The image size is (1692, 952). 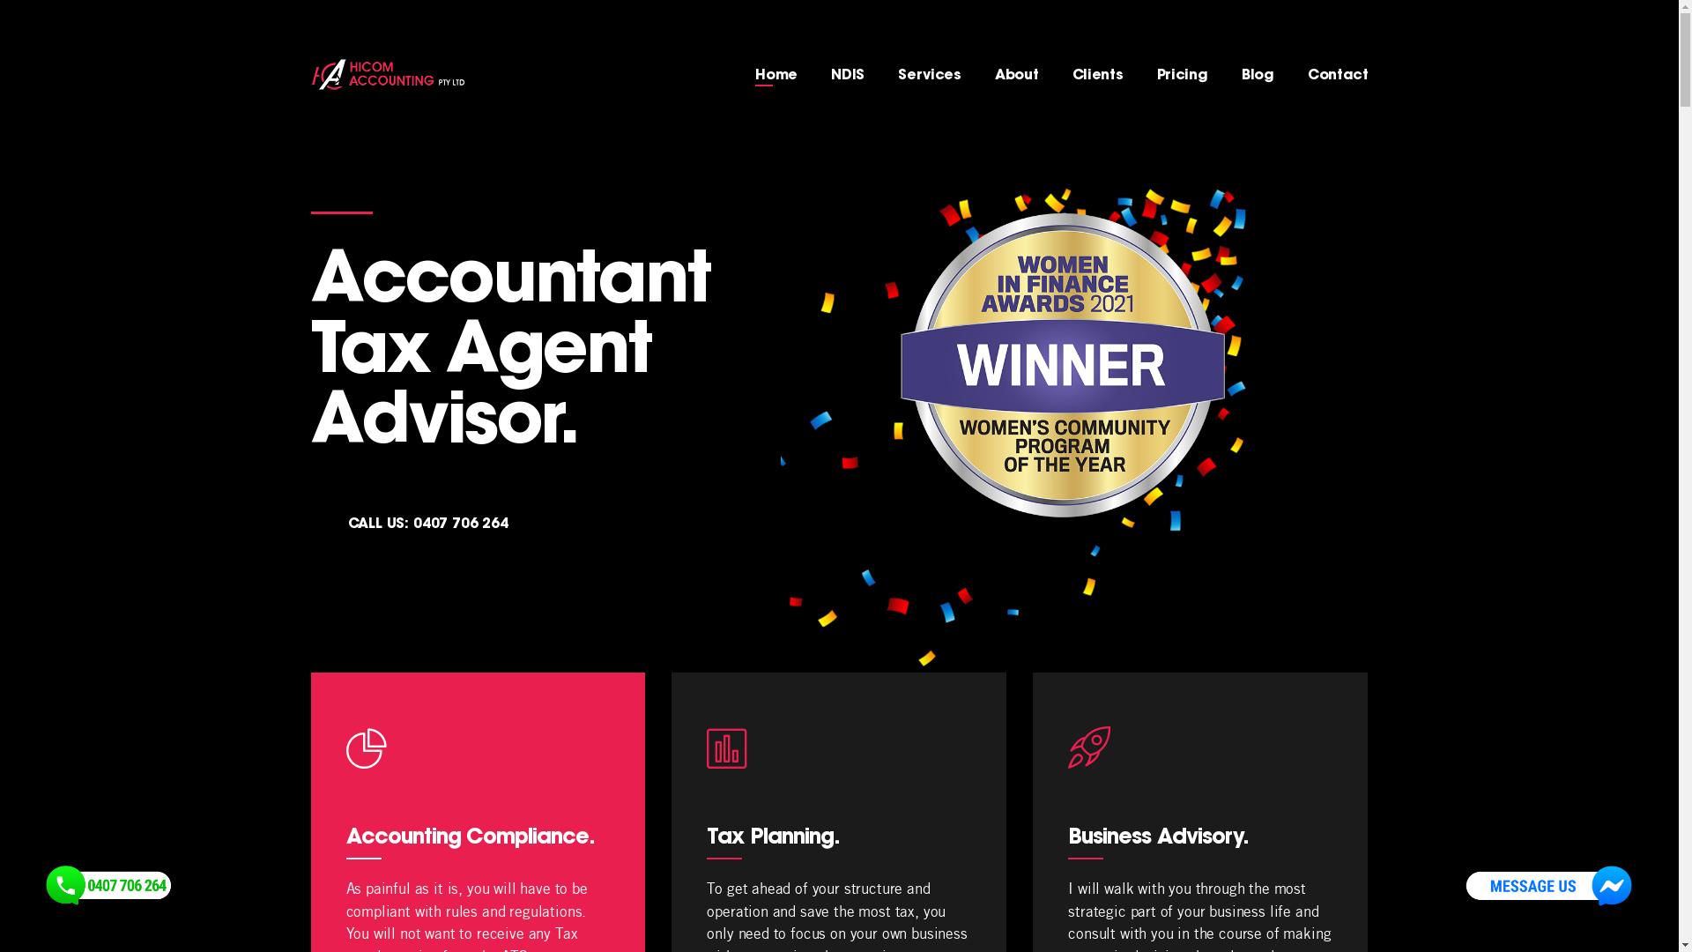 What do you see at coordinates (829, 74) in the screenshot?
I see `'NDIS'` at bounding box center [829, 74].